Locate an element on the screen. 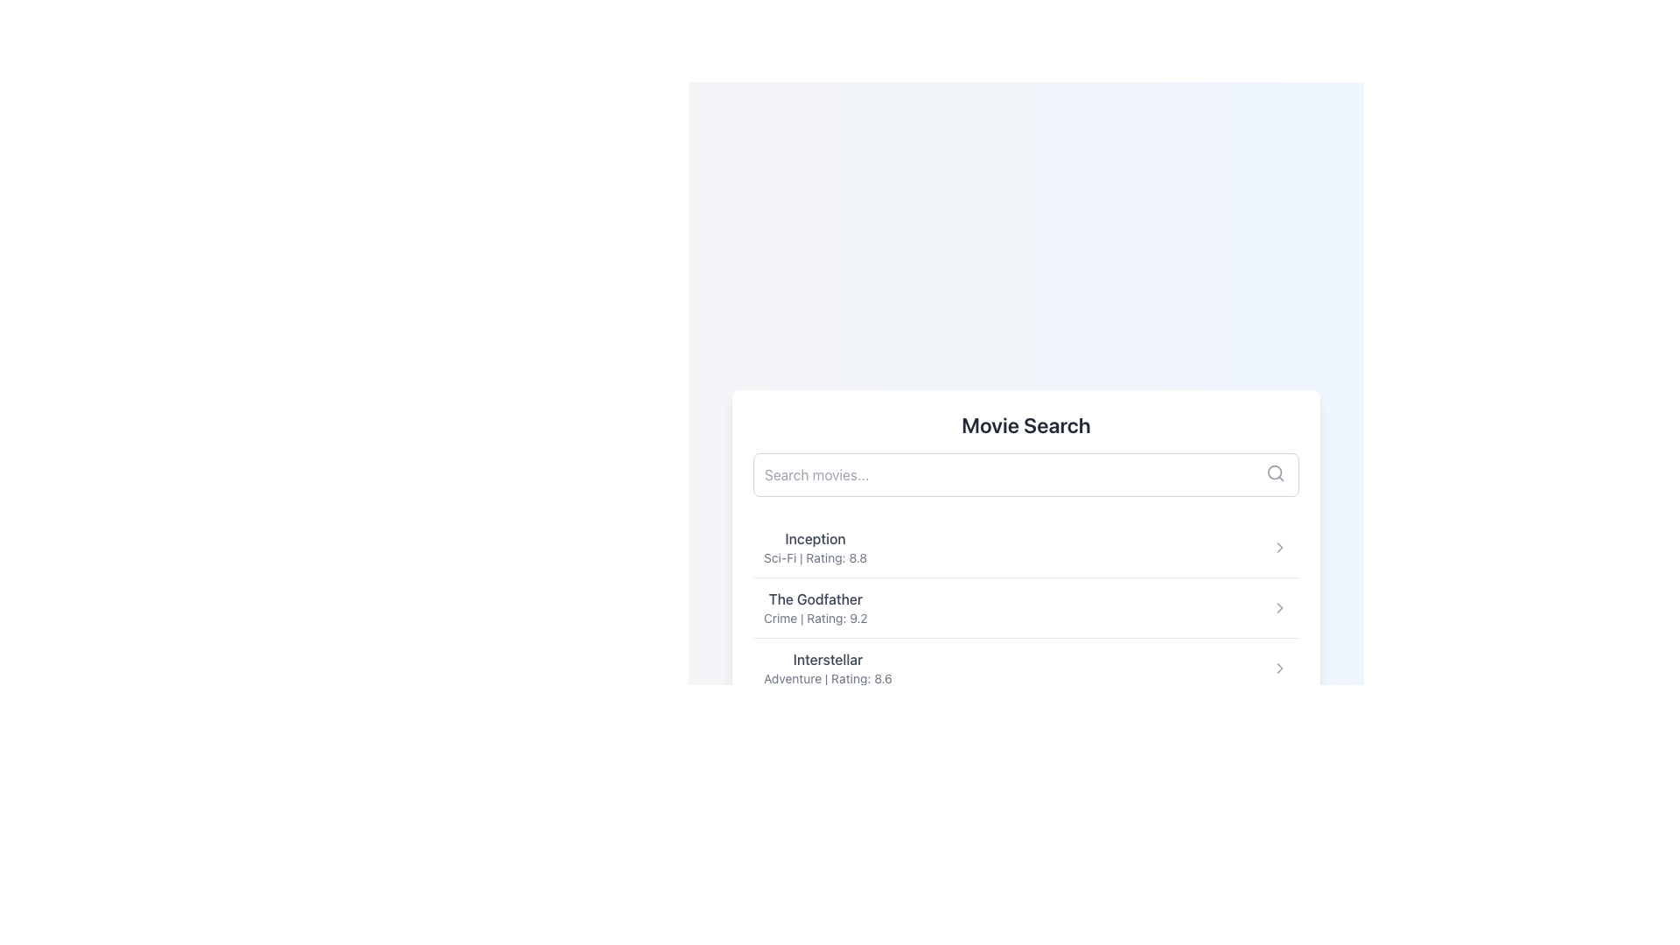 The width and height of the screenshot is (1680, 945). the right arrow icon element located at the far right of the list item titled 'Inception' in the 'Movie Search' results interface is located at coordinates (1280, 546).